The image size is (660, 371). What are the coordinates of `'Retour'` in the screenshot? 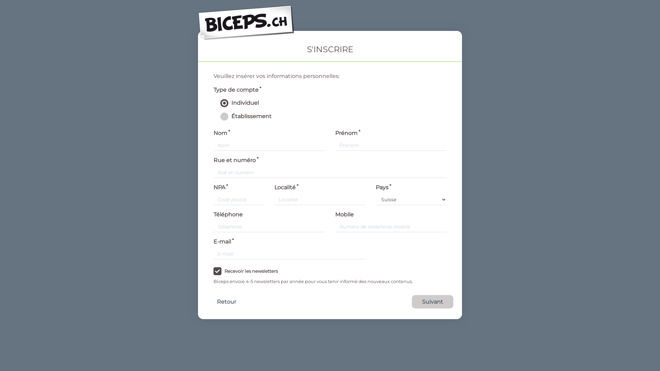 It's located at (226, 301).